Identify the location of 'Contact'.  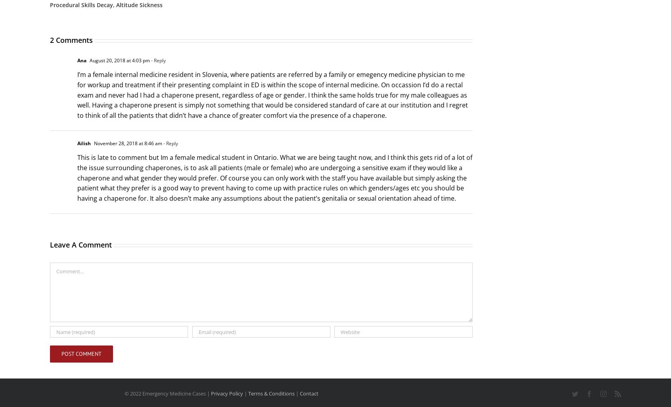
(299, 393).